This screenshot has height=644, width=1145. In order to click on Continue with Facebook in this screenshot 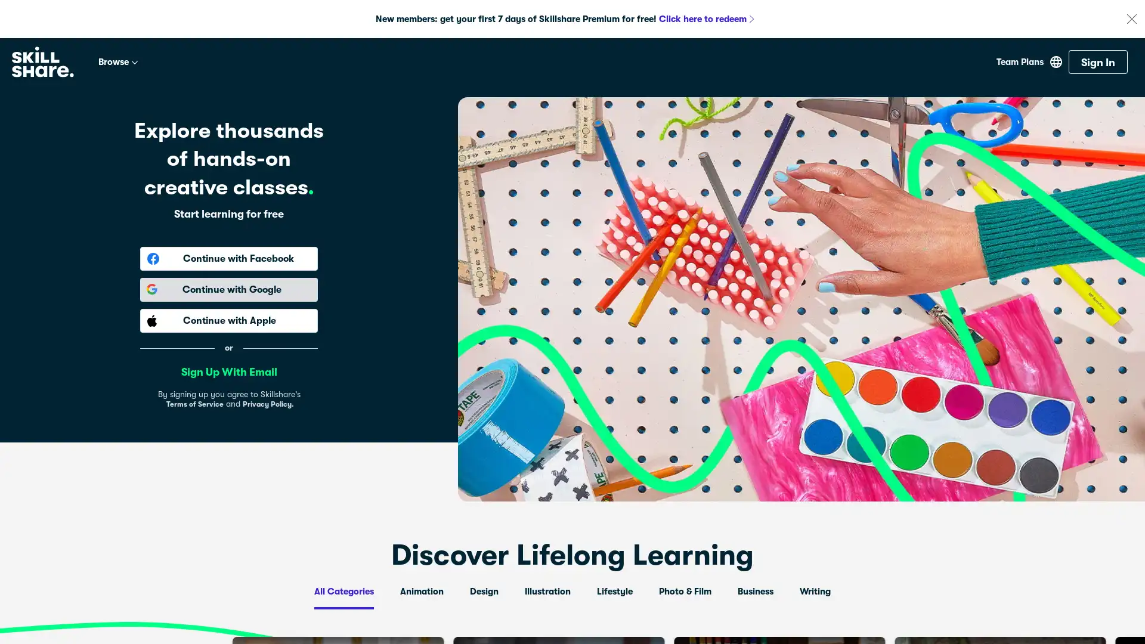, I will do `click(229, 257)`.